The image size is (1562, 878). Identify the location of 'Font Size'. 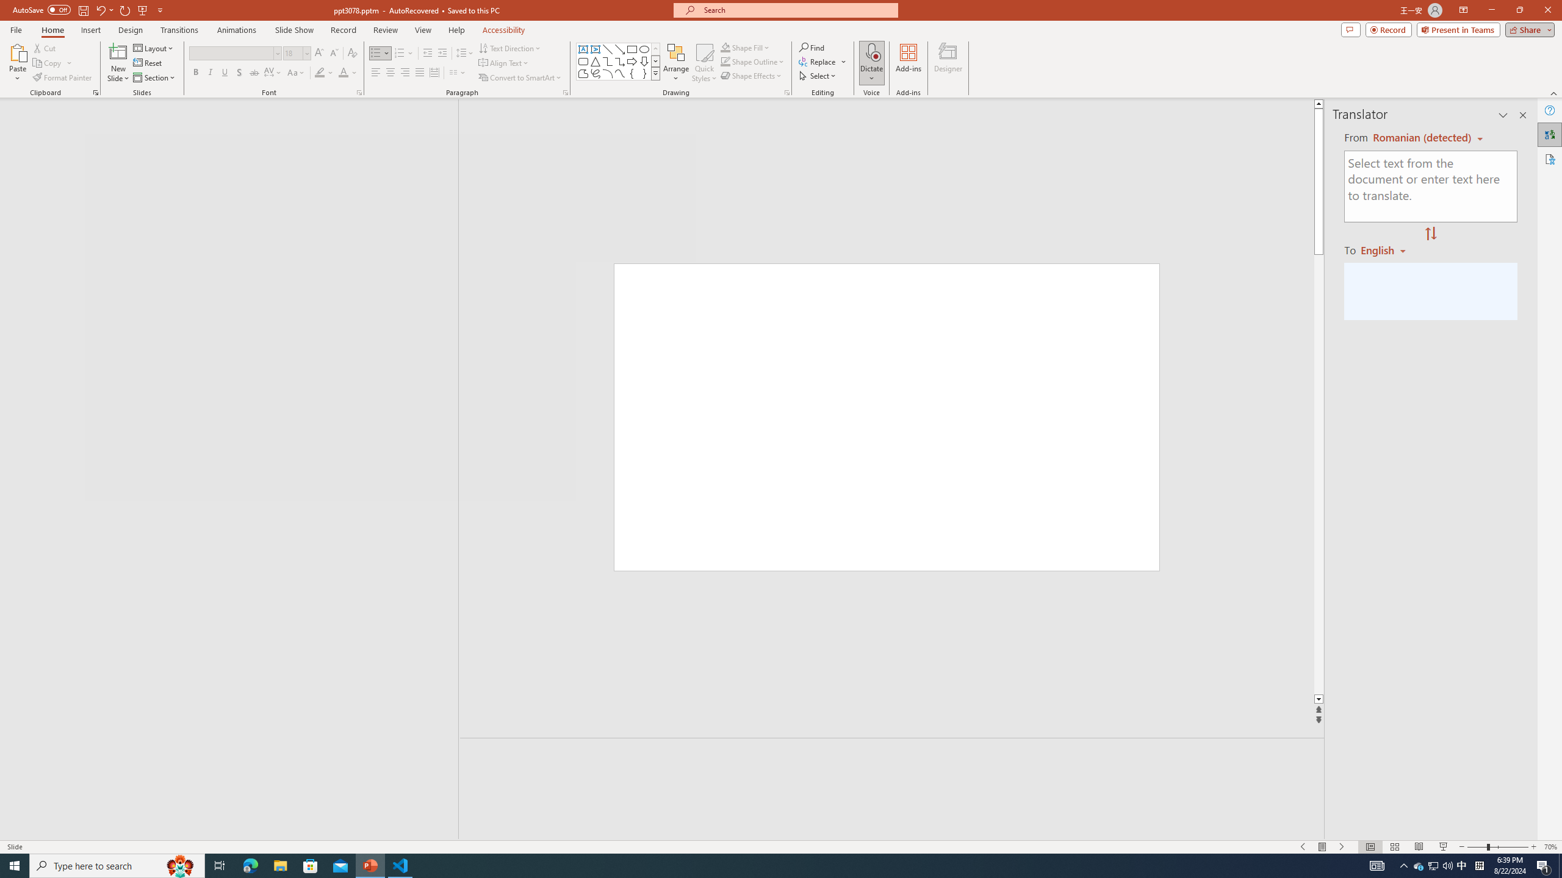
(296, 53).